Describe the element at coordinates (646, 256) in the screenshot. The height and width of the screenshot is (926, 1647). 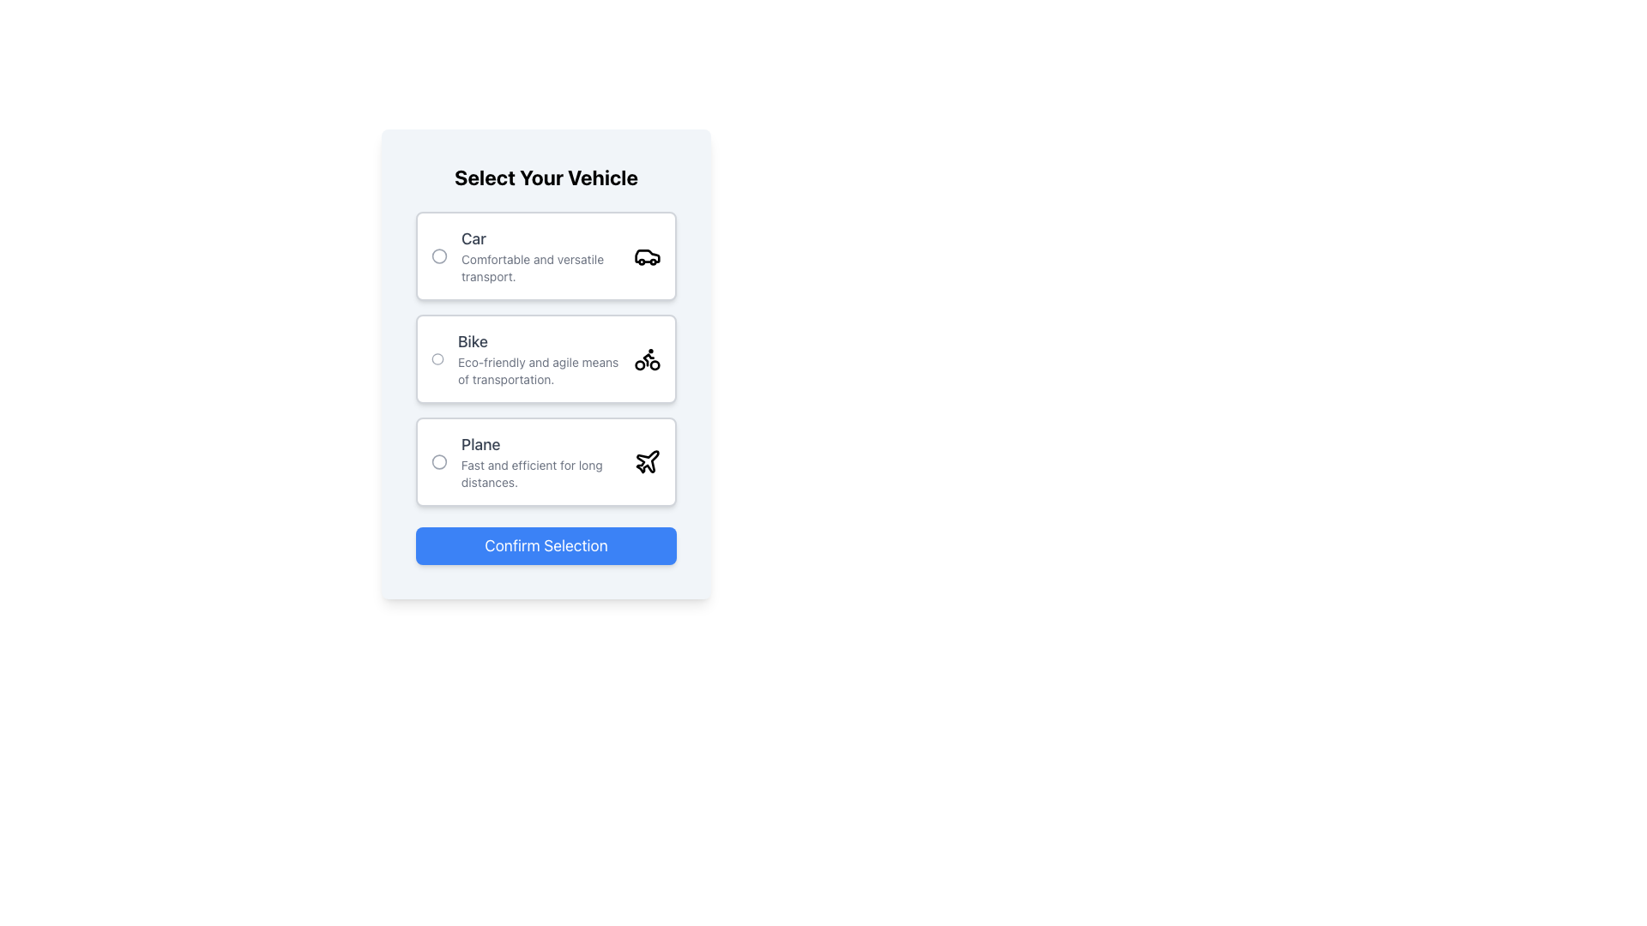
I see `the car-shaped icon located in the upper right corner of the 'Car' option card, adjacent to the descriptive text for the 'Car' option` at that location.